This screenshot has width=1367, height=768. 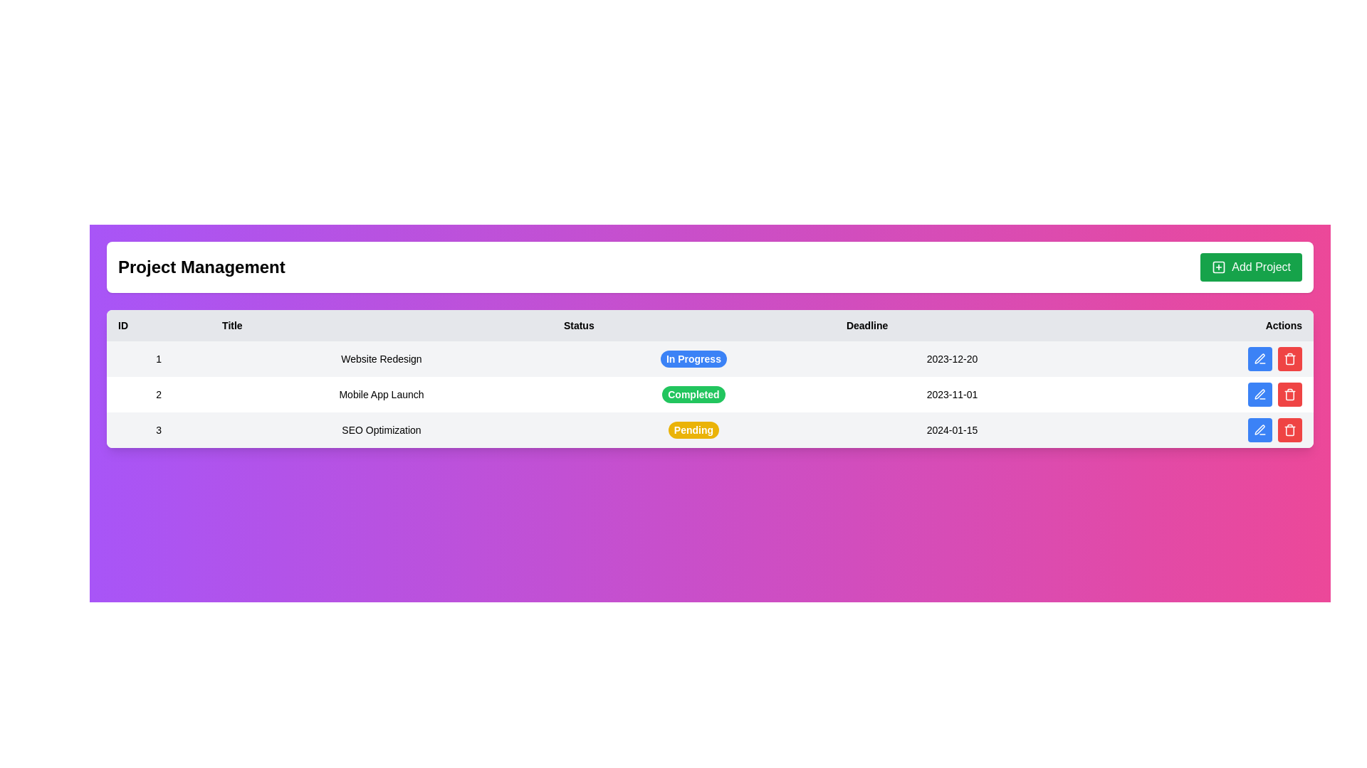 What do you see at coordinates (693, 358) in the screenshot?
I see `the blue Badge or Status Label in the third column of the first row under the 'Status' header for the 'Website Redesign' project to obtain information about the project's current progress` at bounding box center [693, 358].